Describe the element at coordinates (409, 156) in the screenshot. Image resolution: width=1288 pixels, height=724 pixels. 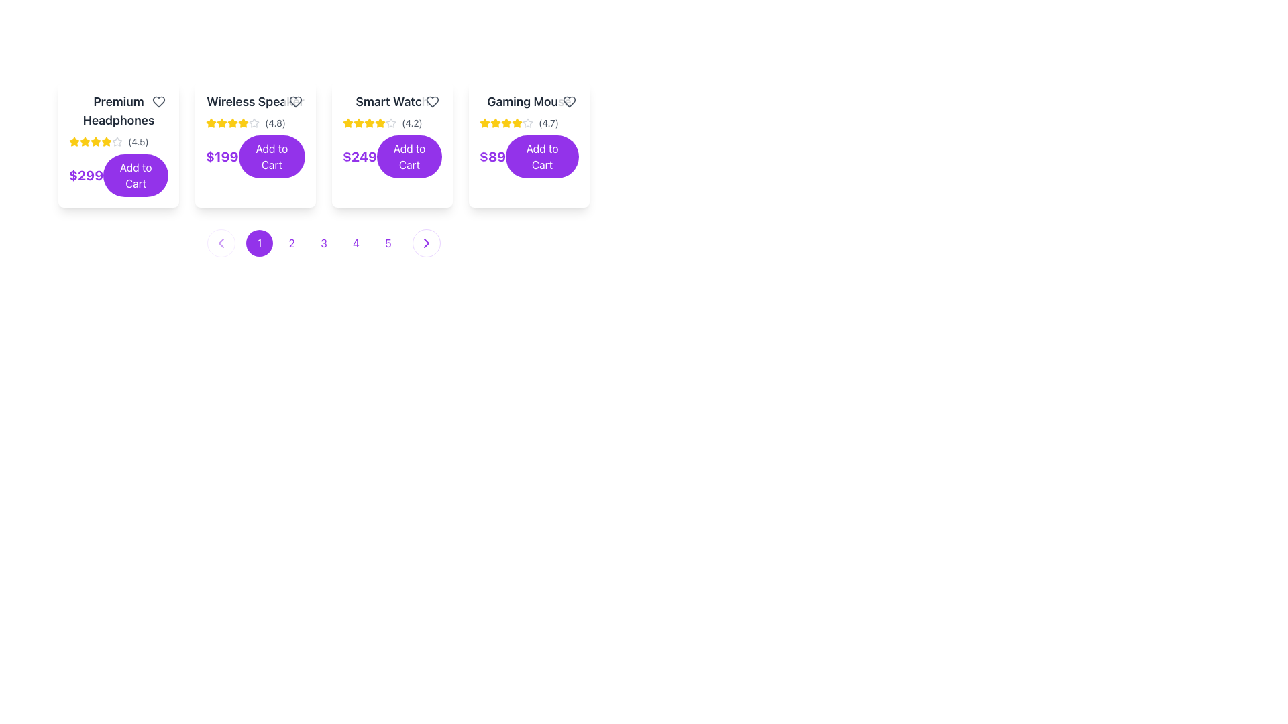
I see `the rectangular button with a purple background and the text 'Add to Cart'` at that location.